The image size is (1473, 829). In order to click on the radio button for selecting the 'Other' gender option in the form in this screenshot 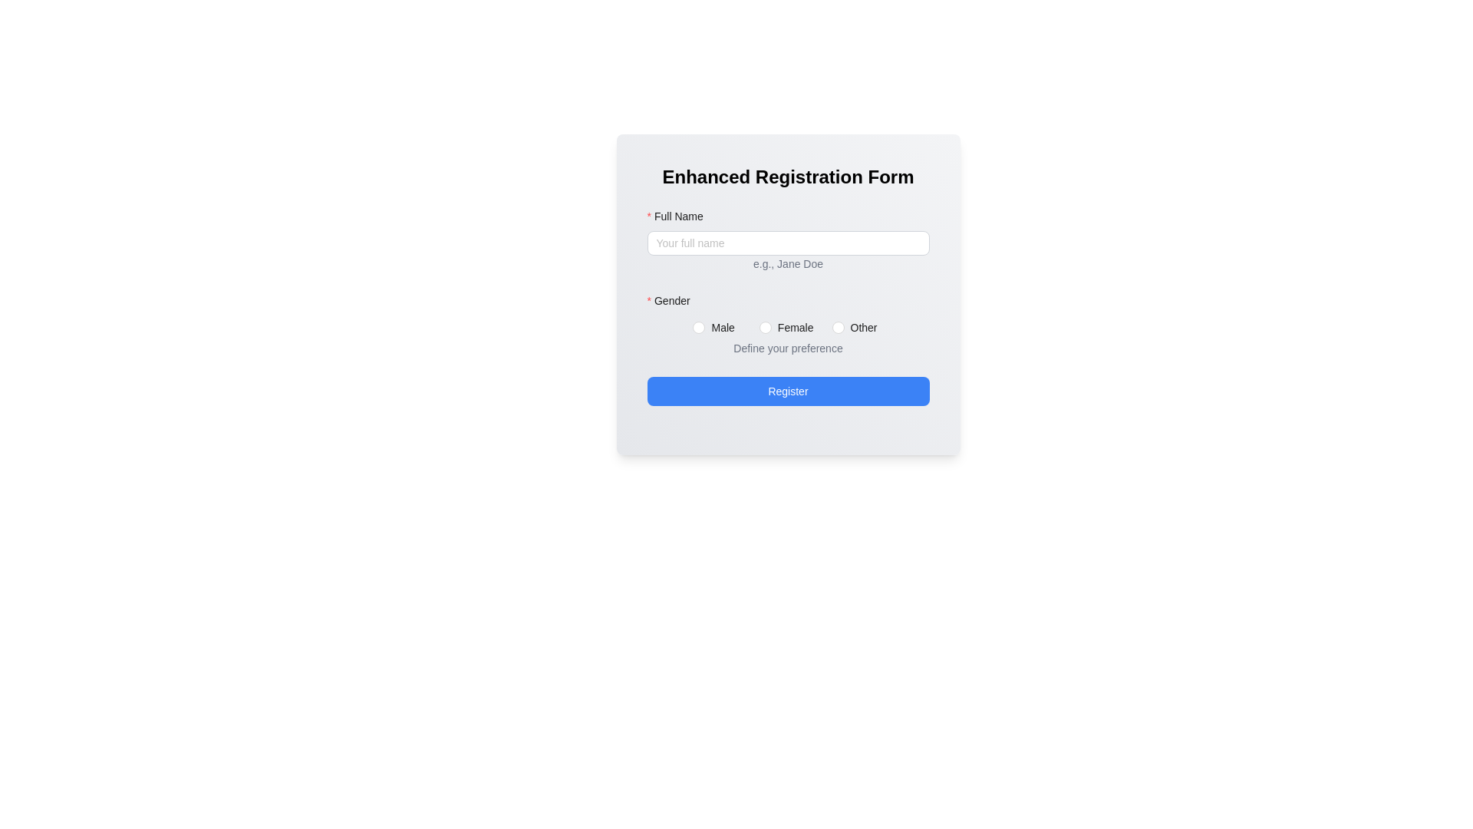, I will do `click(837, 327)`.